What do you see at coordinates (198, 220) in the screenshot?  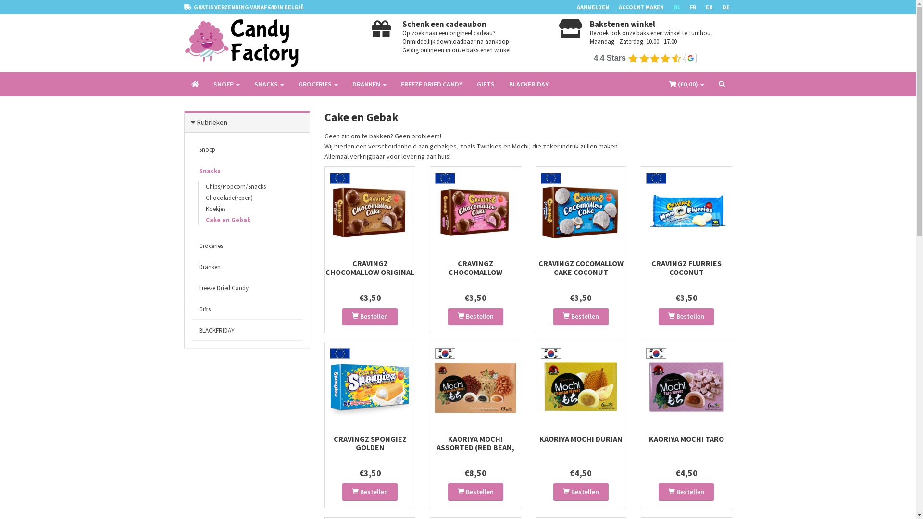 I see `'Cake en Gebak'` at bounding box center [198, 220].